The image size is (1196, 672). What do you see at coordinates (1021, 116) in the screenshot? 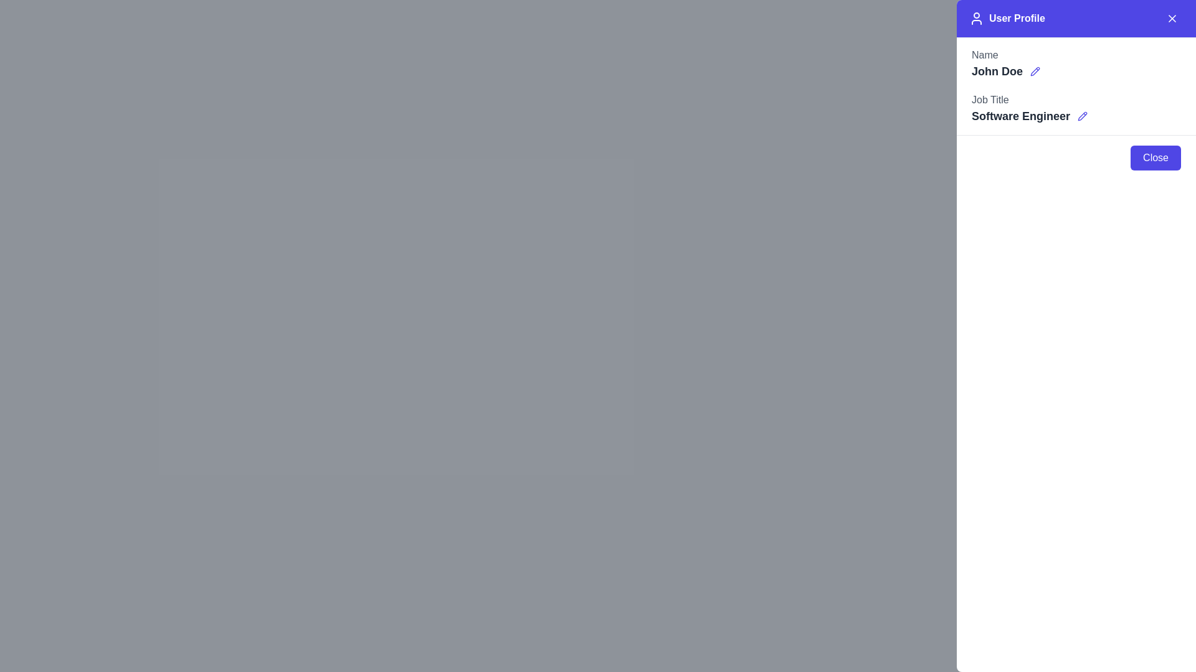
I see `the text label displaying the job title 'Software Engineer' in bold, dark gray text, located below the 'Job Title' label in the user profile section` at bounding box center [1021, 116].